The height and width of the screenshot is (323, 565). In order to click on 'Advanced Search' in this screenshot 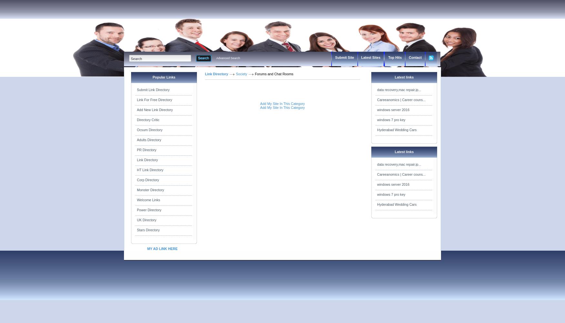, I will do `click(228, 58)`.